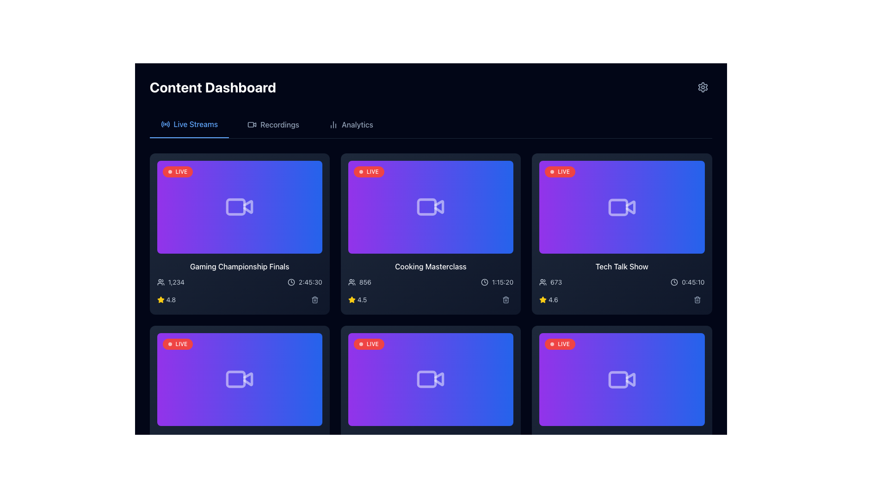 This screenshot has height=499, width=888. I want to click on the rating display element that consists of a yellow star icon followed by the '4.6' rating text in a light grey font, located in the third column and second row of the grid layout, so click(549, 299).